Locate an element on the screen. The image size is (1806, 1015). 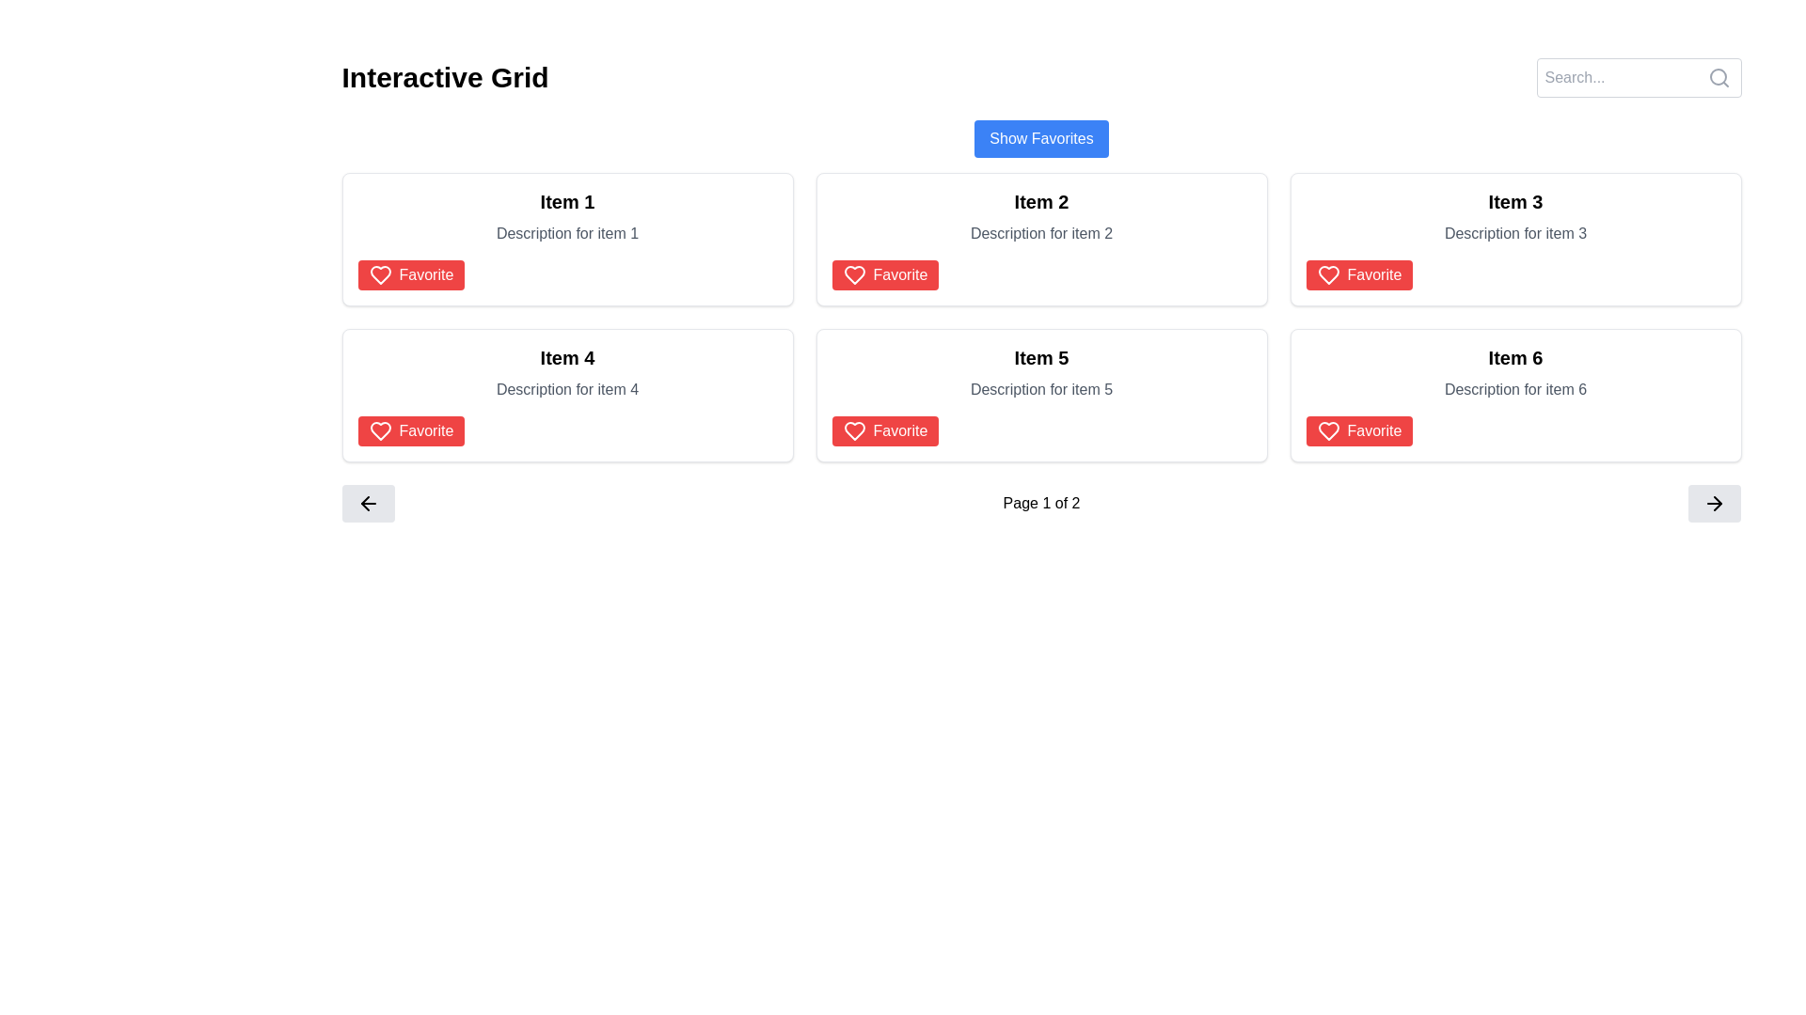
the text label providing additional information for 'Item 4', located in the bottom-left card of the grid, centered below the 'Item 4' heading and above the 'Favorite' button is located at coordinates (566, 389).